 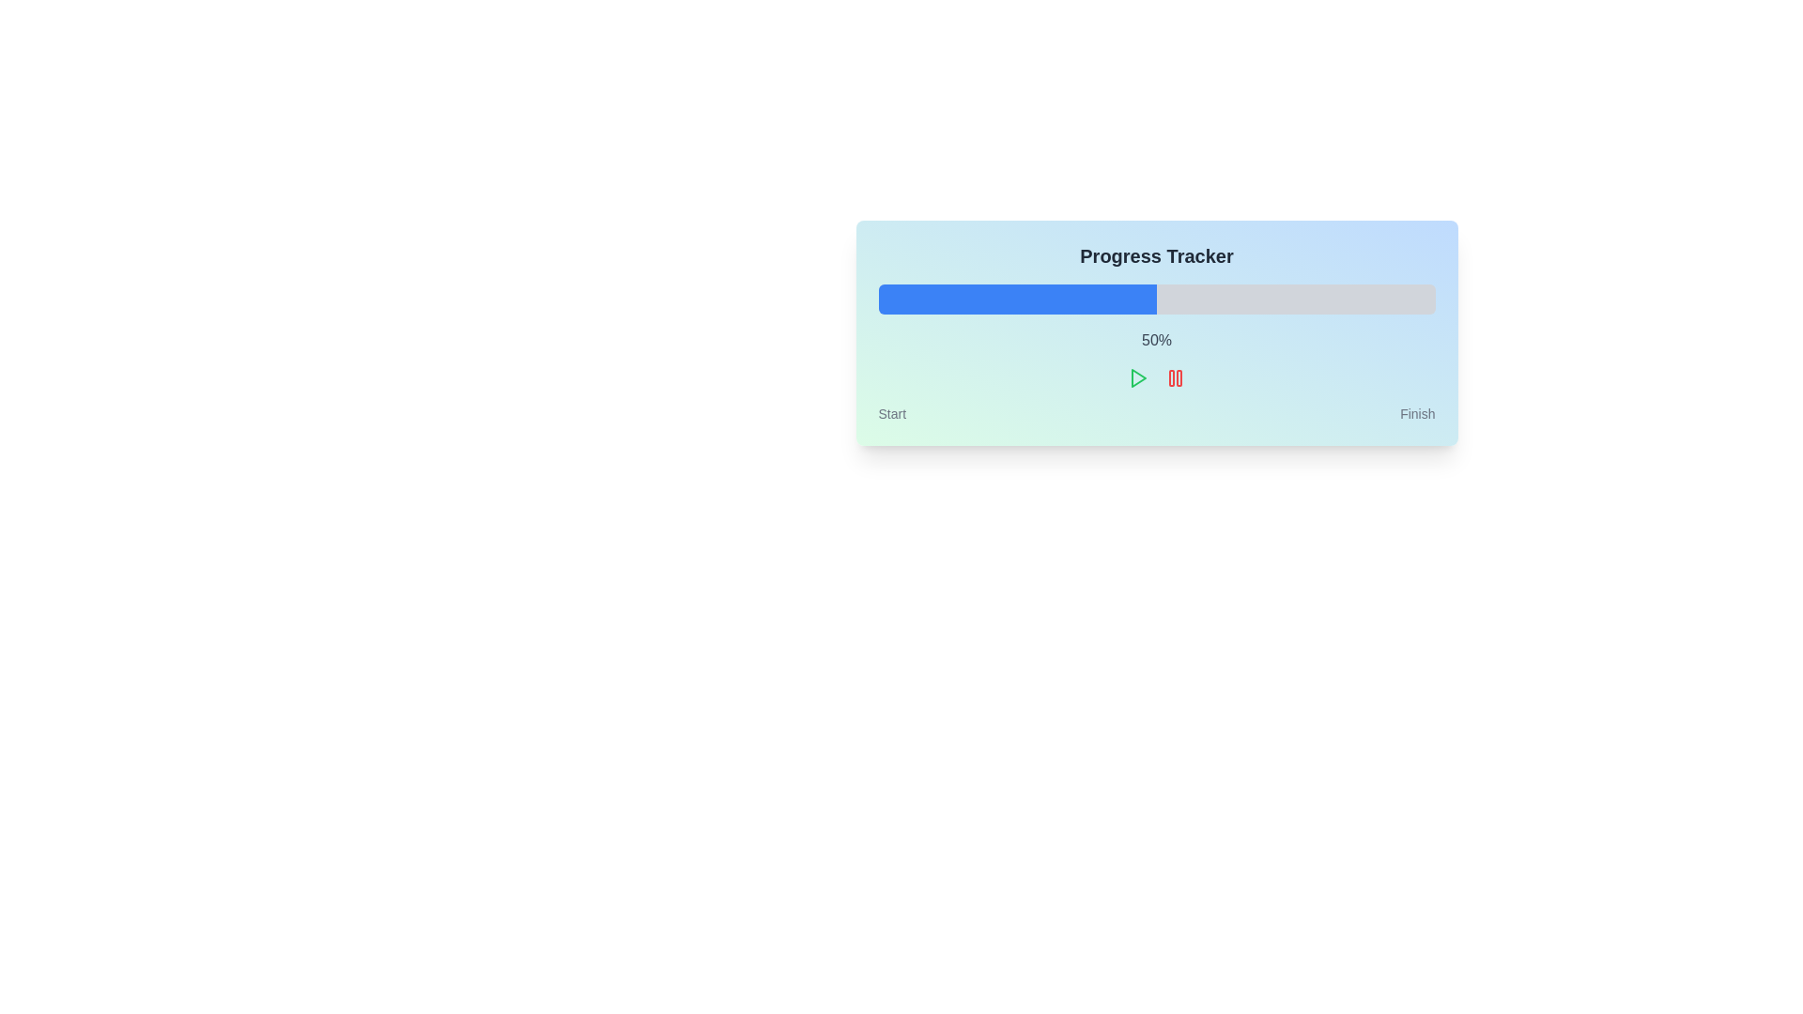 What do you see at coordinates (1171, 377) in the screenshot?
I see `the left vertical segment of the pause button` at bounding box center [1171, 377].